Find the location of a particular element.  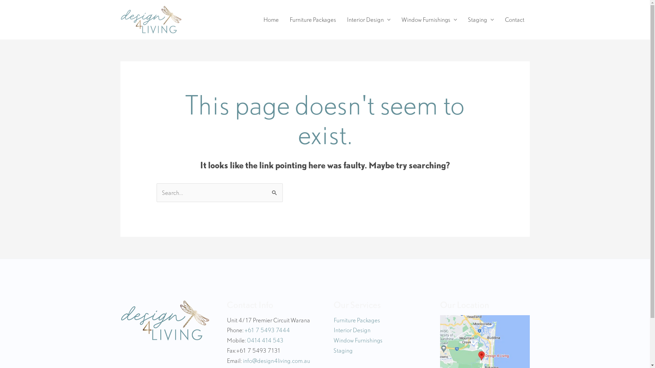

'0414 414 543' is located at coordinates (265, 340).